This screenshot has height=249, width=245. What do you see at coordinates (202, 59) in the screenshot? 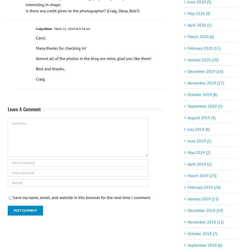
I see `'January 2020 (20)'` at bounding box center [202, 59].